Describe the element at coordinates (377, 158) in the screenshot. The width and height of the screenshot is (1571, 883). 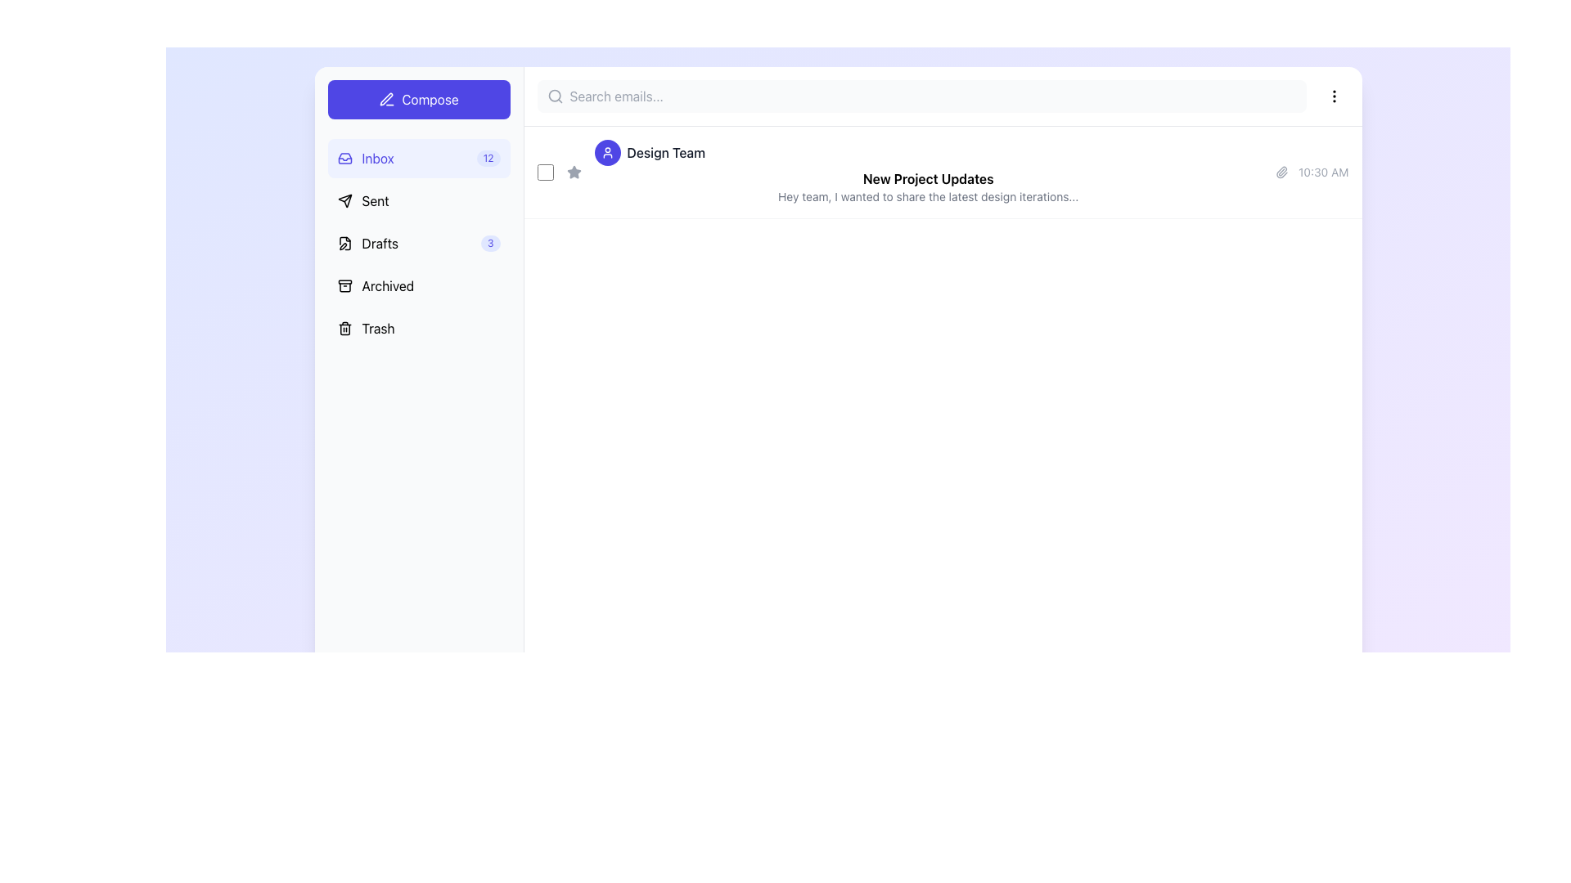
I see `the 'Inbox' text label located` at that location.